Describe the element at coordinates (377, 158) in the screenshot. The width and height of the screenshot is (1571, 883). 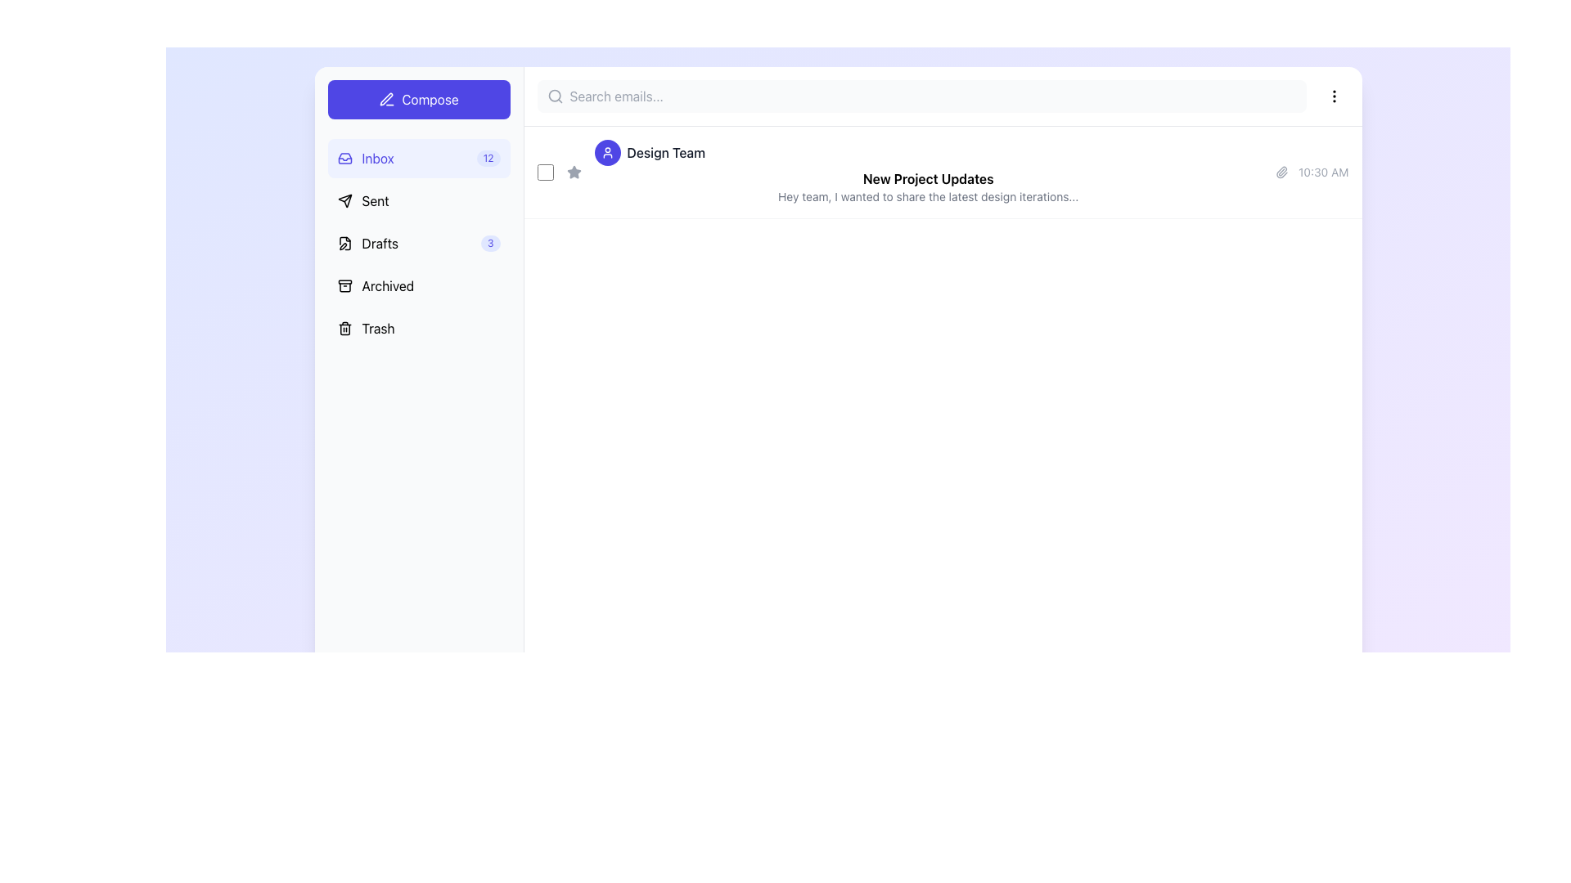
I see `the 'Inbox' text label located` at that location.